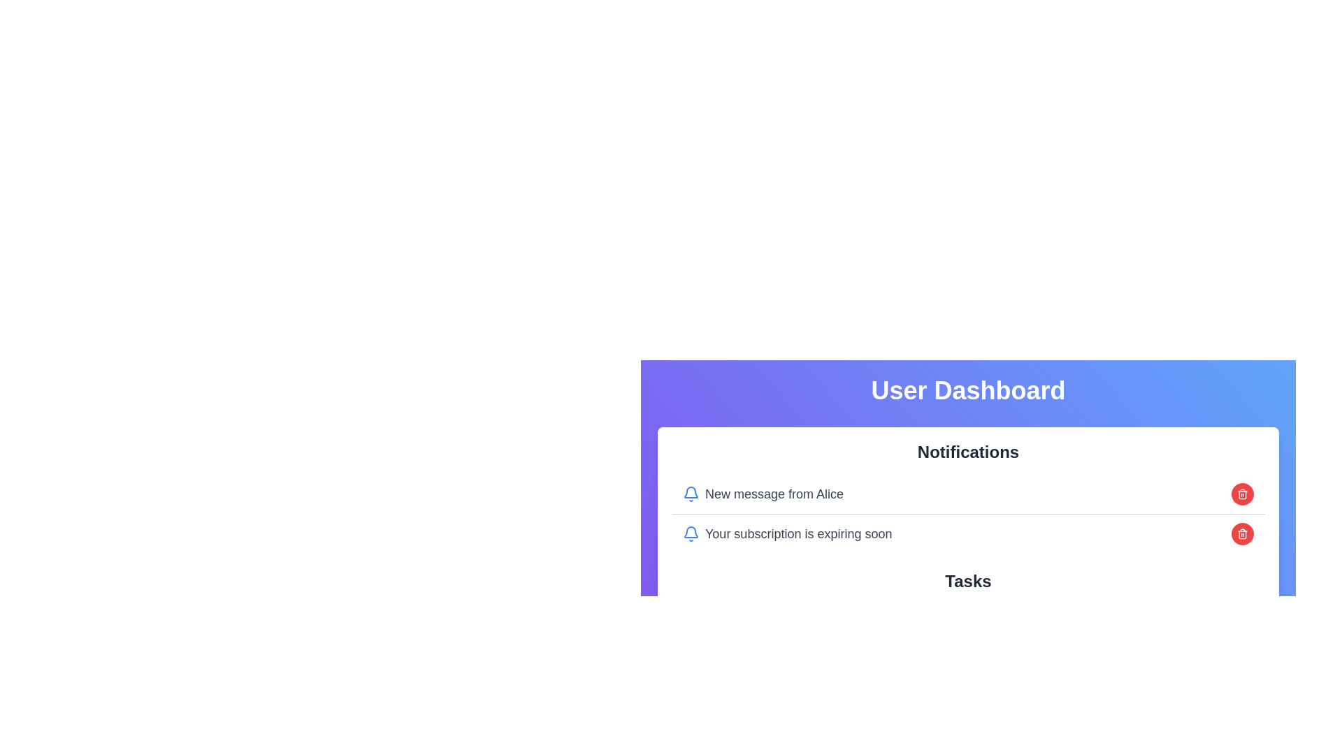 This screenshot has height=754, width=1342. Describe the element at coordinates (967, 533) in the screenshot. I see `notification in the second position of the Notifications section, located directly below the 'New message from Alice' notification` at that location.